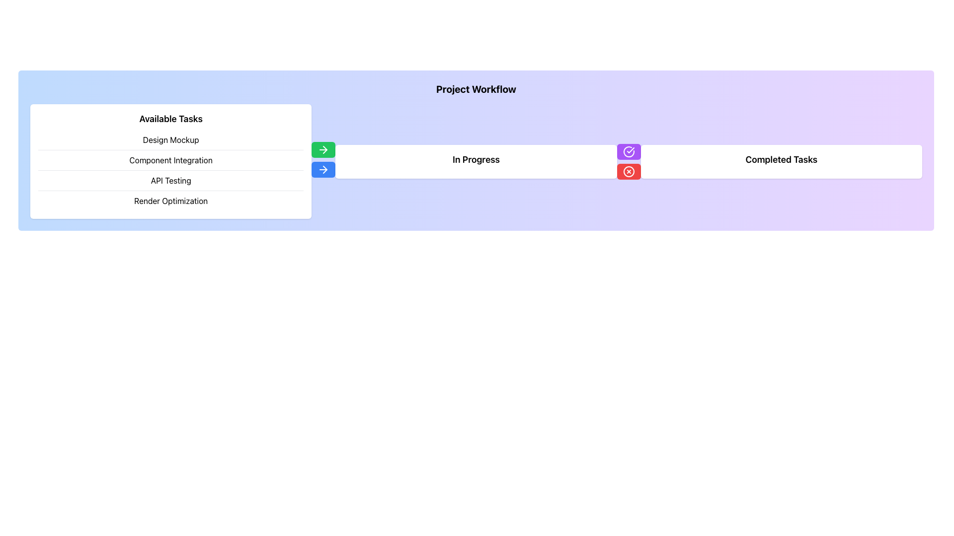 The image size is (954, 536). What do you see at coordinates (323, 161) in the screenshot?
I see `the second button located directly below the green button in the vertically stacked pair, positioned between the 'Available Tasks' and 'In Progress' sections to observe hover effects` at bounding box center [323, 161].